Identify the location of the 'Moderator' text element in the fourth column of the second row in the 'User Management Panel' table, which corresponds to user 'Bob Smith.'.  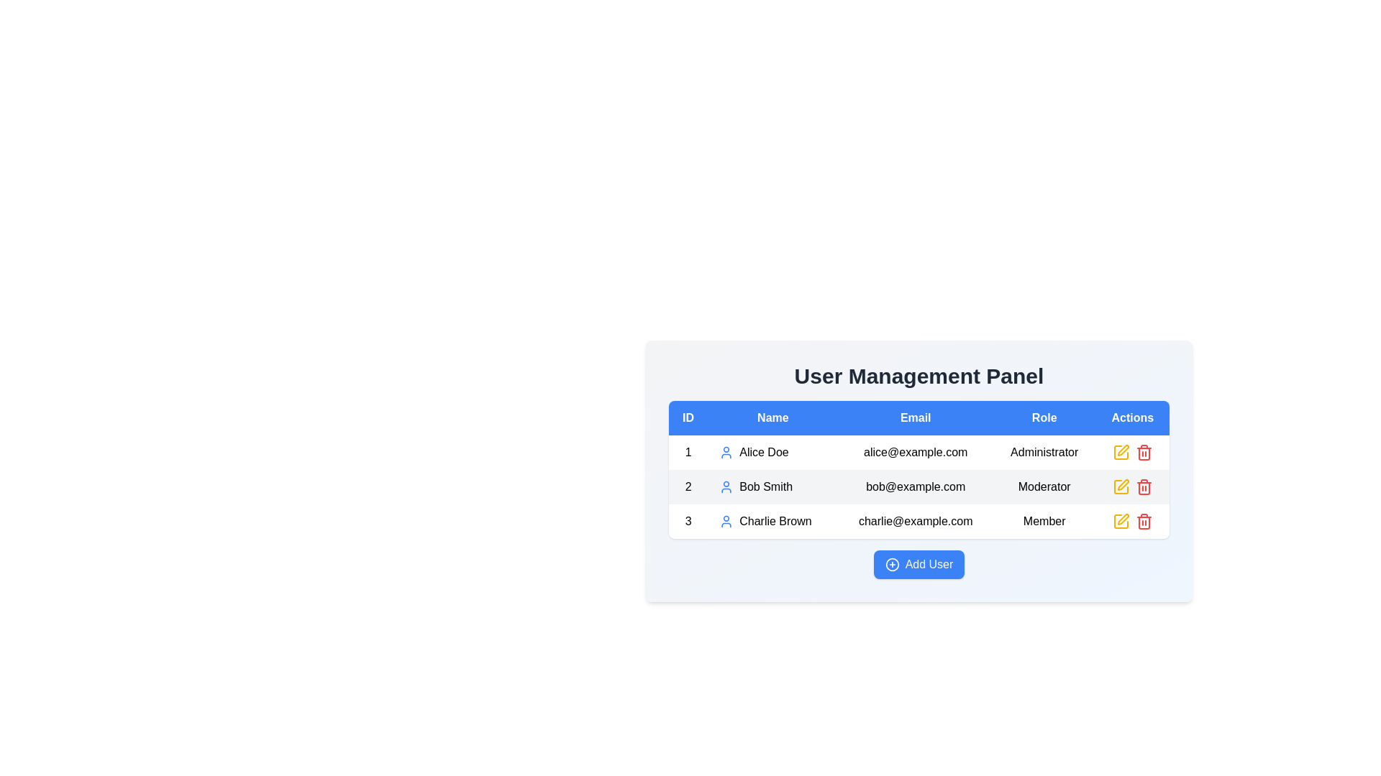
(1044, 486).